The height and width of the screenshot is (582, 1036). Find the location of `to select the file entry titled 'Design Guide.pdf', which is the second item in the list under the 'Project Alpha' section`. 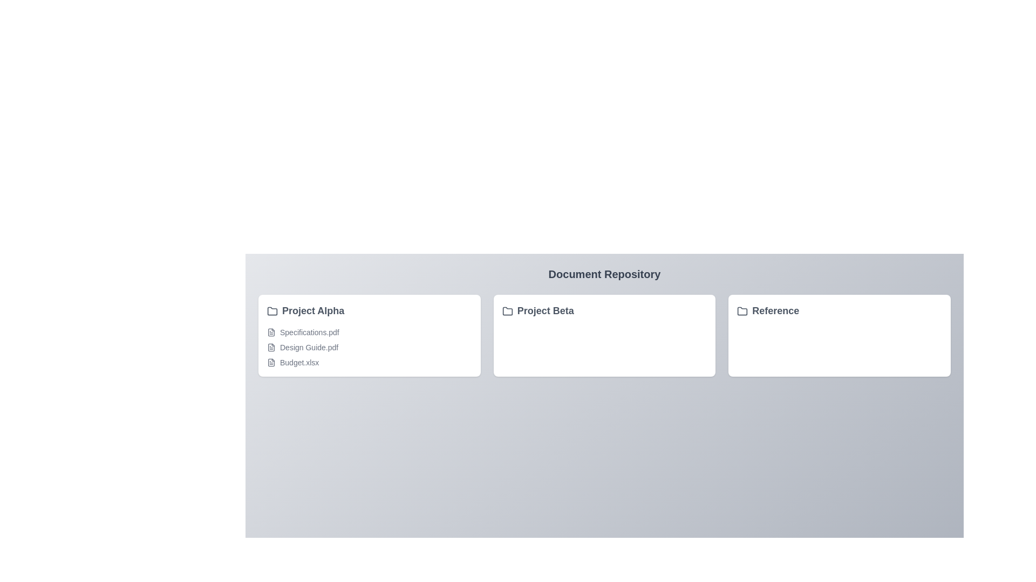

to select the file entry titled 'Design Guide.pdf', which is the second item in the list under the 'Project Alpha' section is located at coordinates (369, 347).